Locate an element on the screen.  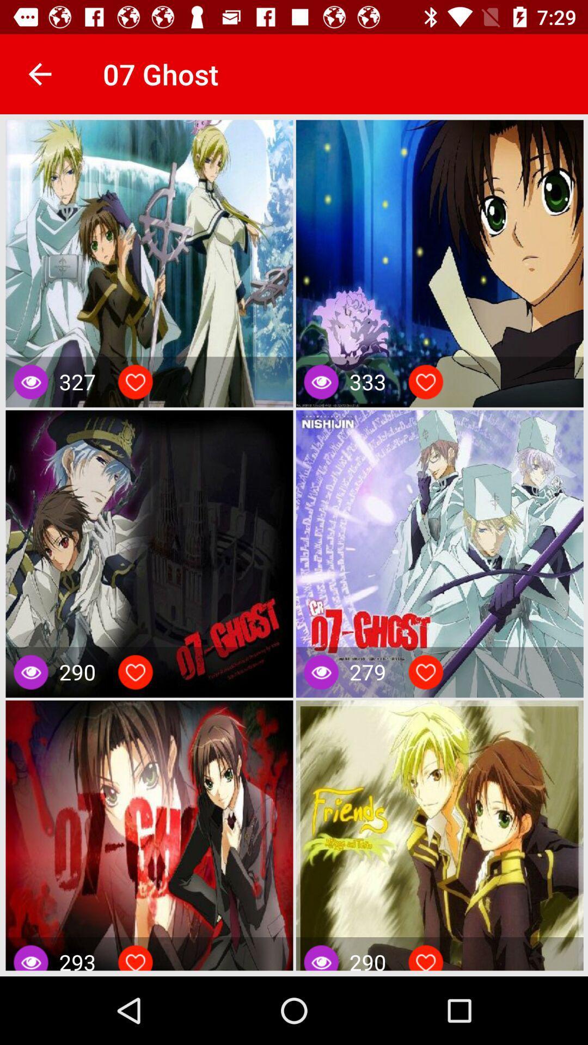
the image is located at coordinates (425, 672).